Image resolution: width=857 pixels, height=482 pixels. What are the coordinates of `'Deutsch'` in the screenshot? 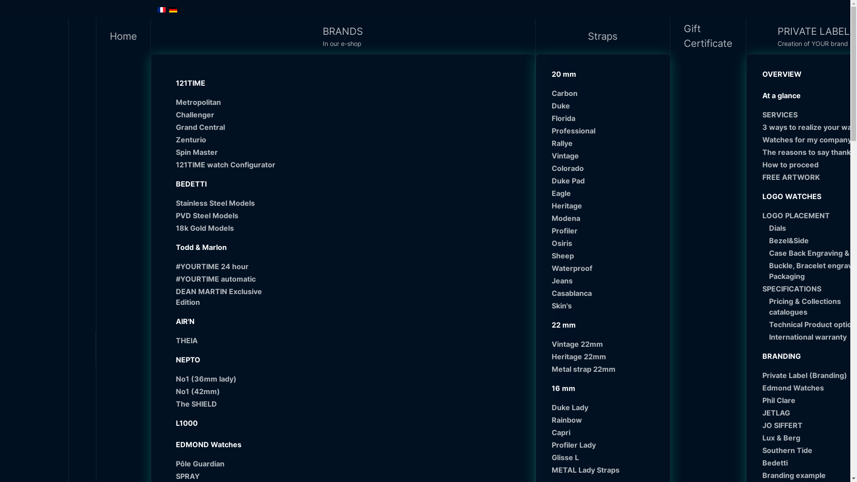 It's located at (173, 10).